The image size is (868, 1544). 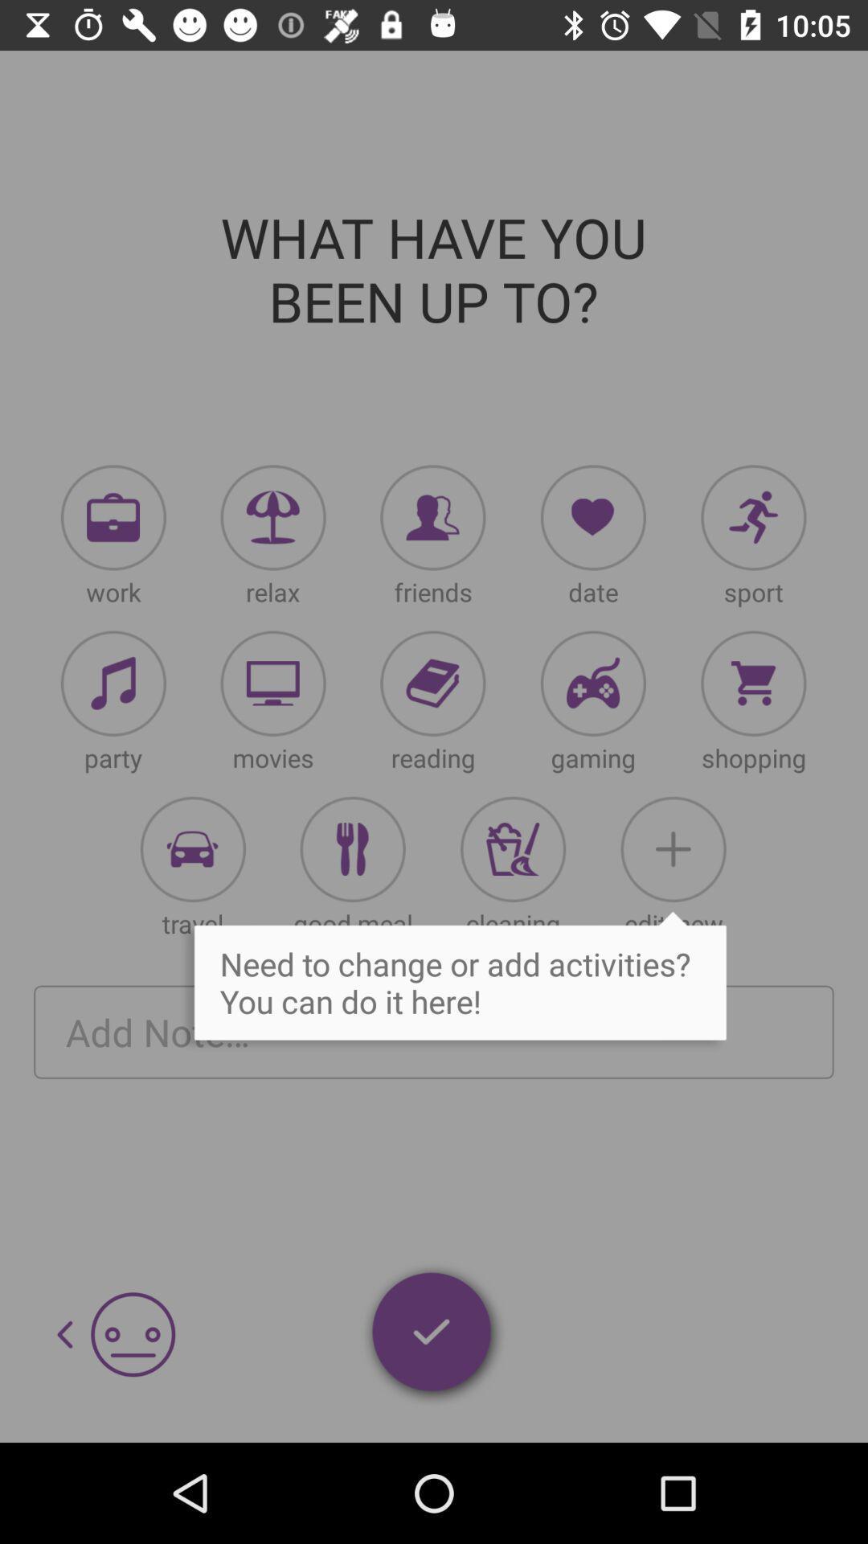 What do you see at coordinates (113, 517) in the screenshot?
I see `choose work` at bounding box center [113, 517].